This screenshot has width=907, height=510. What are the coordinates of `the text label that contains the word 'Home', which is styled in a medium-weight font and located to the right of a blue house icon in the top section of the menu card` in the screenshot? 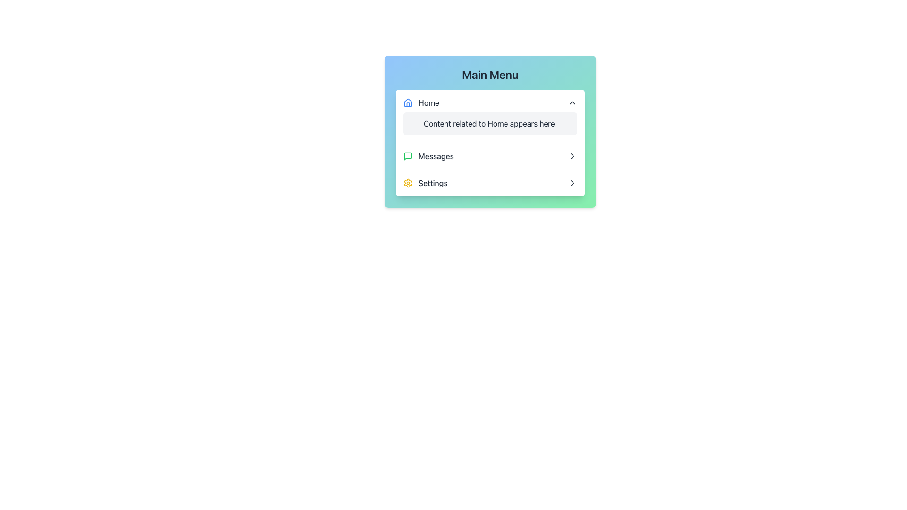 It's located at (428, 103).